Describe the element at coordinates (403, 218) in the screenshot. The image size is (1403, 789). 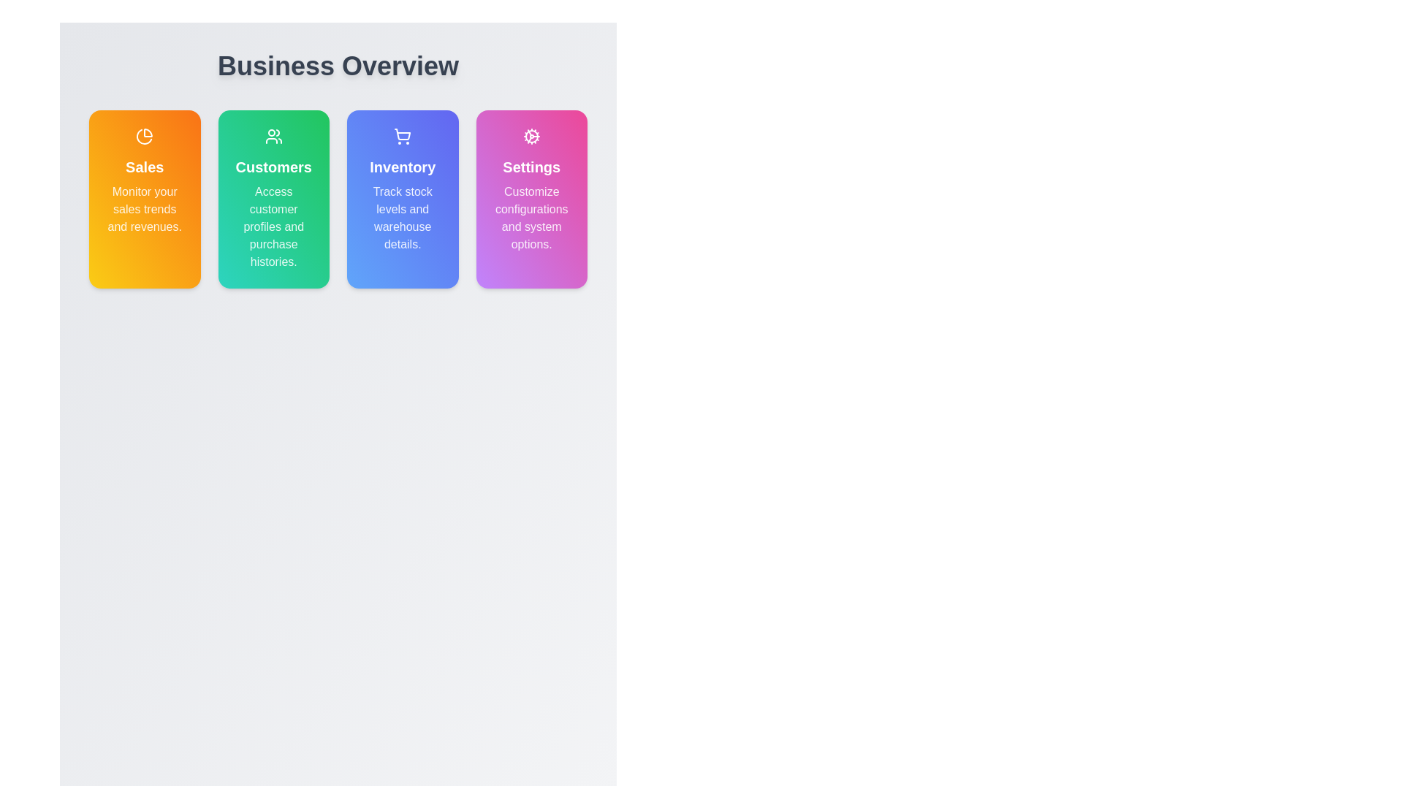
I see `the static text displaying 'Track stock levels and warehouse details.' within the 'Inventory' card, which is the third card in a row of four cards` at that location.